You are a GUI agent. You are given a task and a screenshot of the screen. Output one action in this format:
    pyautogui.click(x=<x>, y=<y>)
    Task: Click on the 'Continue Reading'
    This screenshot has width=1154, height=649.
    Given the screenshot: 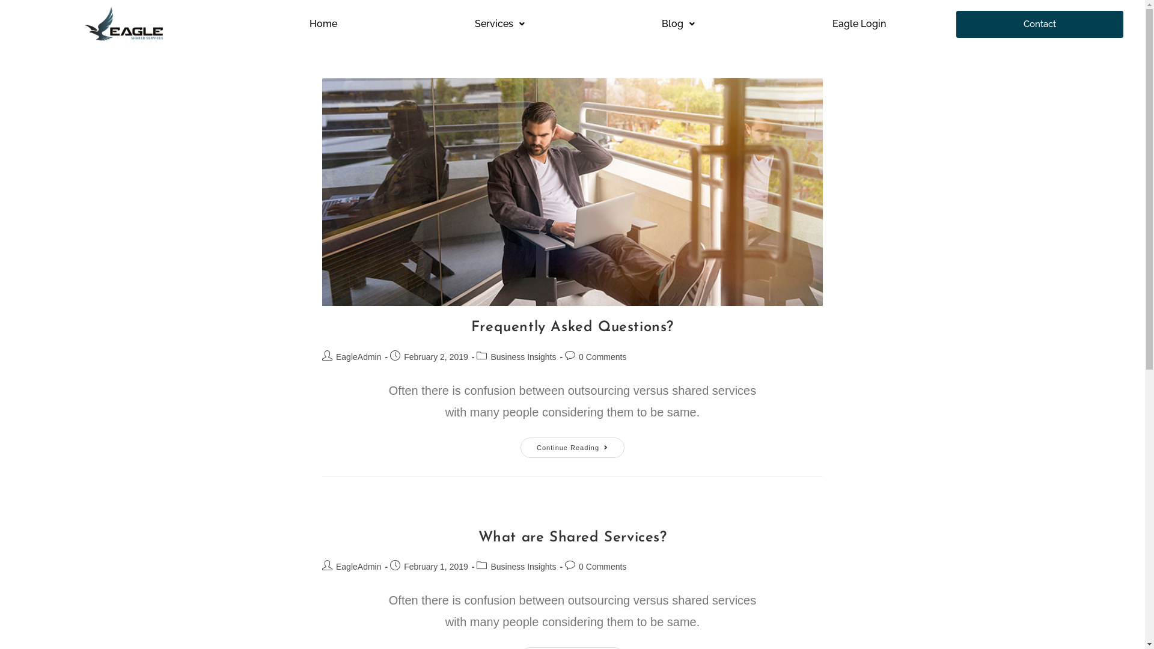 What is the action you would take?
    pyautogui.click(x=572, y=447)
    